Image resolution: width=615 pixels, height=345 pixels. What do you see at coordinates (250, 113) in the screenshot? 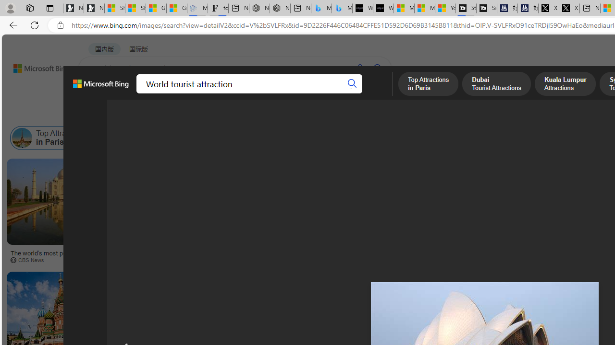
I see `'People'` at bounding box center [250, 113].